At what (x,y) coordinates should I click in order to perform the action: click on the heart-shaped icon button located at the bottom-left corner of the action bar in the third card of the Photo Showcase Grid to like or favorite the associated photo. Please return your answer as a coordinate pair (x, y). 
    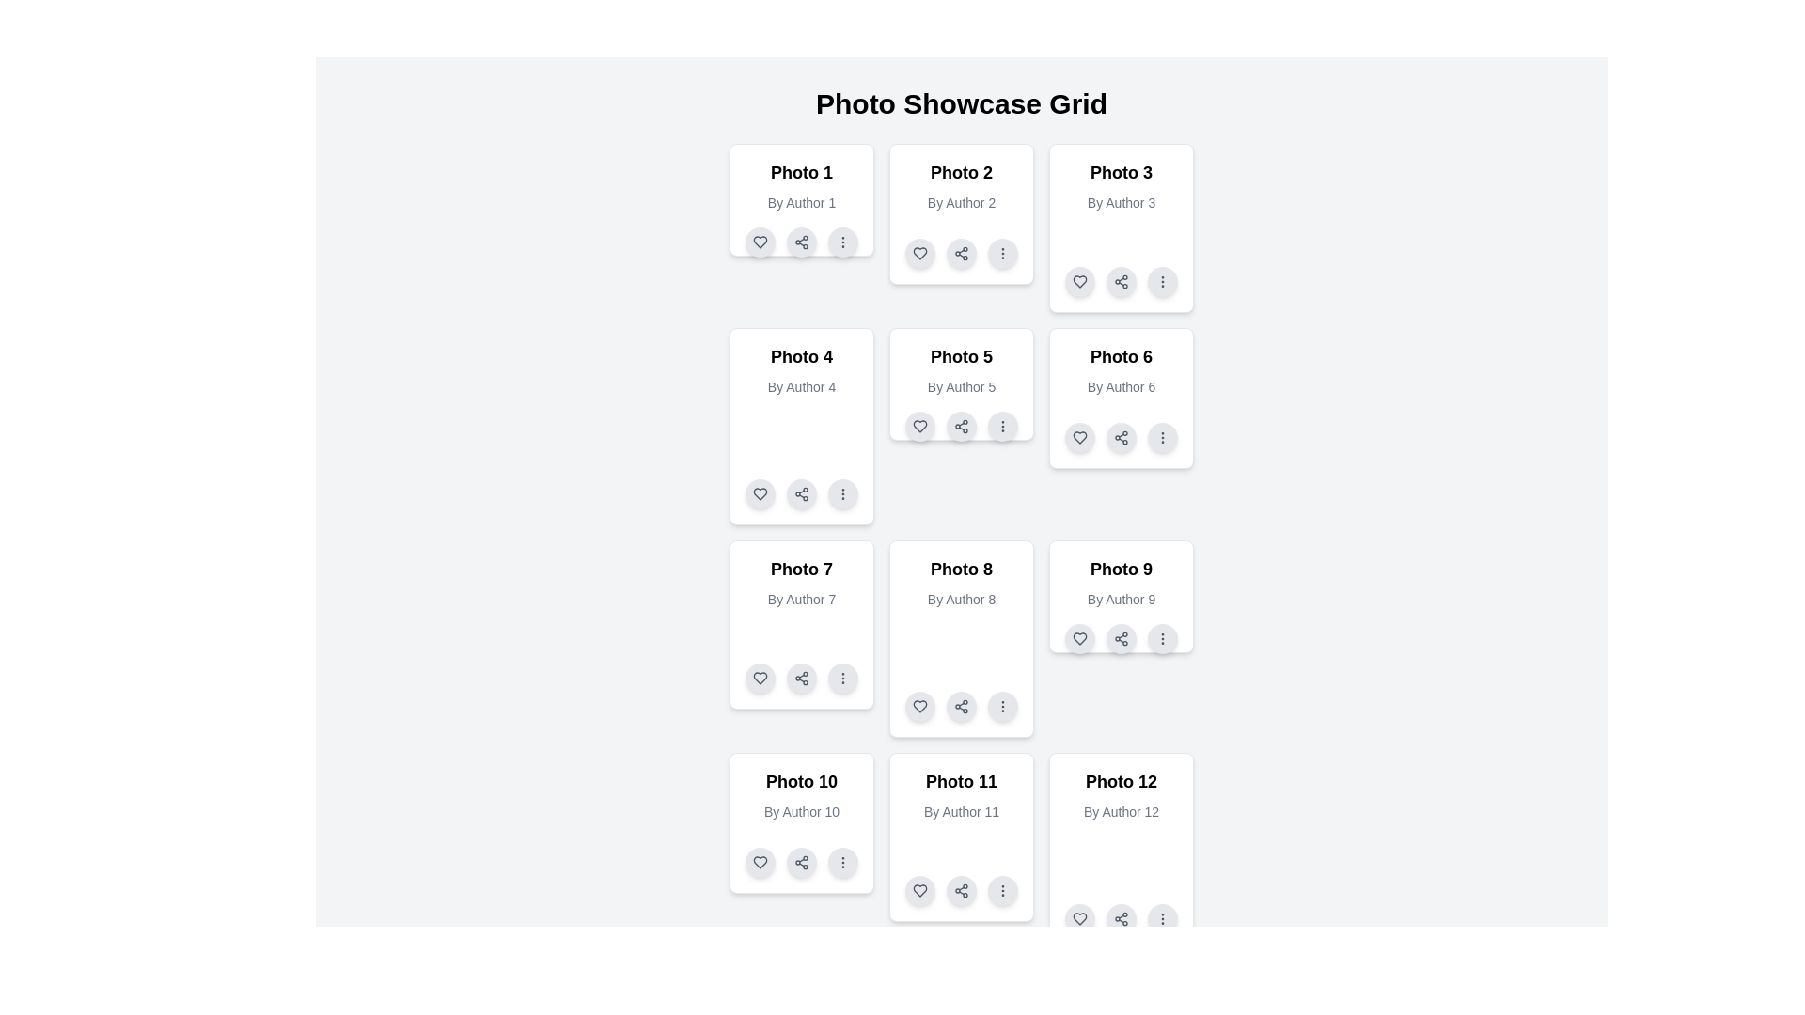
    Looking at the image, I should click on (1079, 282).